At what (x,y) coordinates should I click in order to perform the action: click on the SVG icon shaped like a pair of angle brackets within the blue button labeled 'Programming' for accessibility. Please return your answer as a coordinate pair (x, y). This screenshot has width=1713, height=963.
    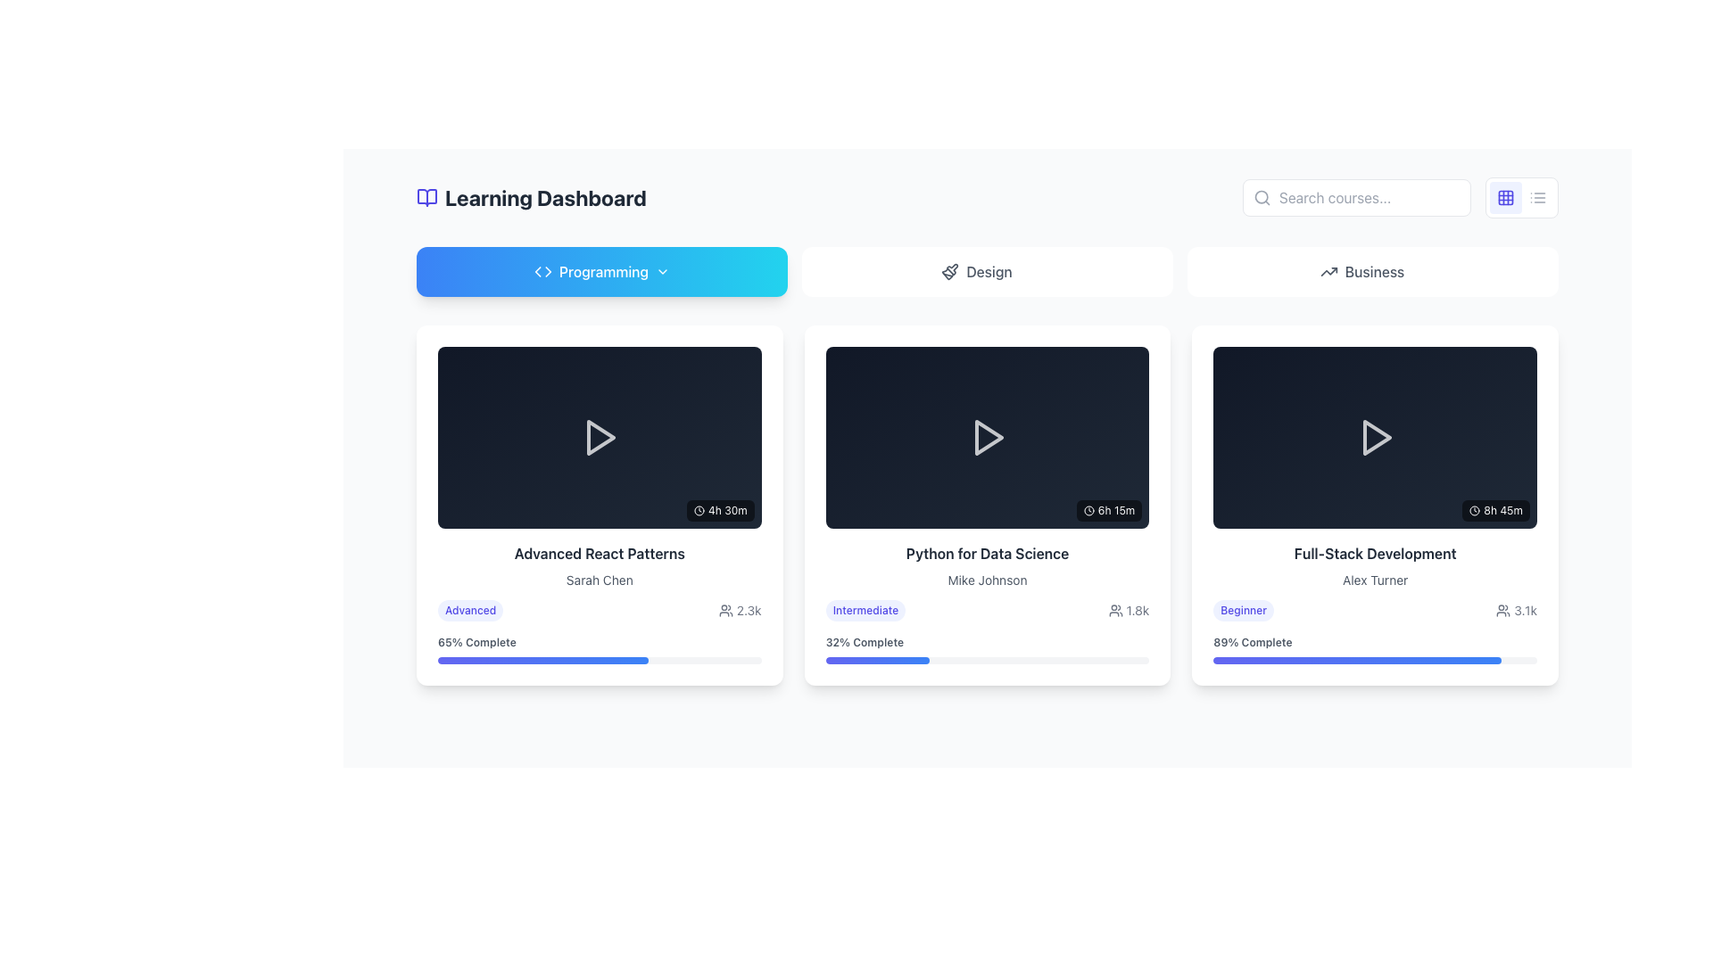
    Looking at the image, I should click on (542, 271).